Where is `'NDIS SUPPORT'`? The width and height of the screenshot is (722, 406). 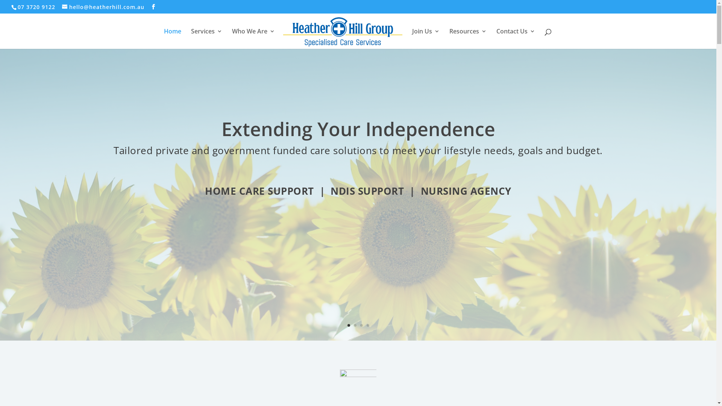
'NDIS SUPPORT' is located at coordinates (367, 191).